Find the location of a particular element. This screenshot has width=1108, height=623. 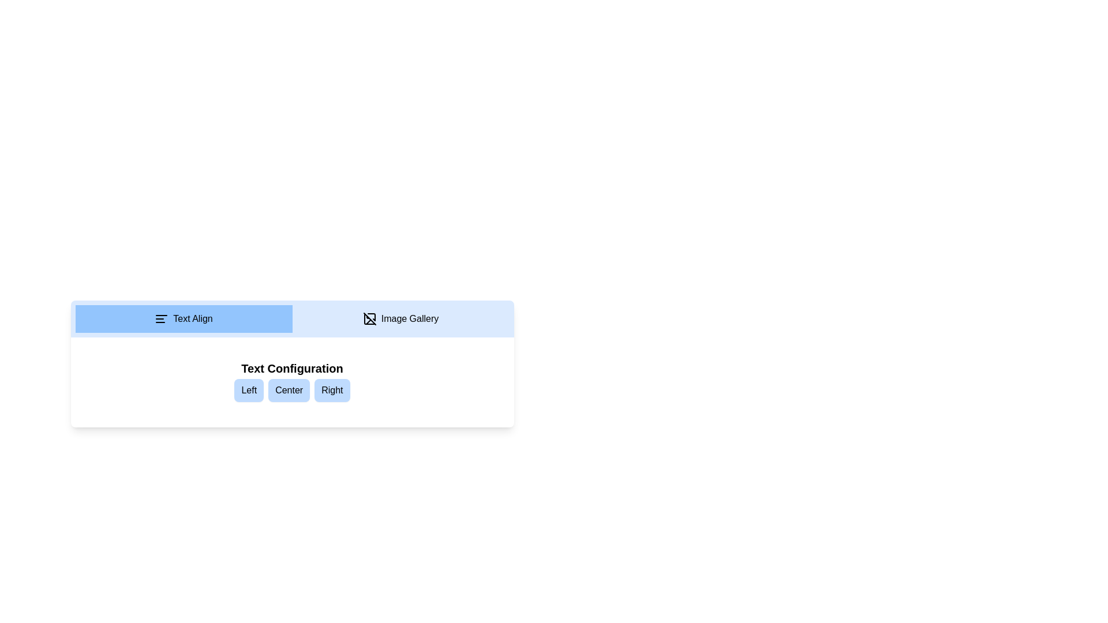

the Center alignment button is located at coordinates (289, 390).